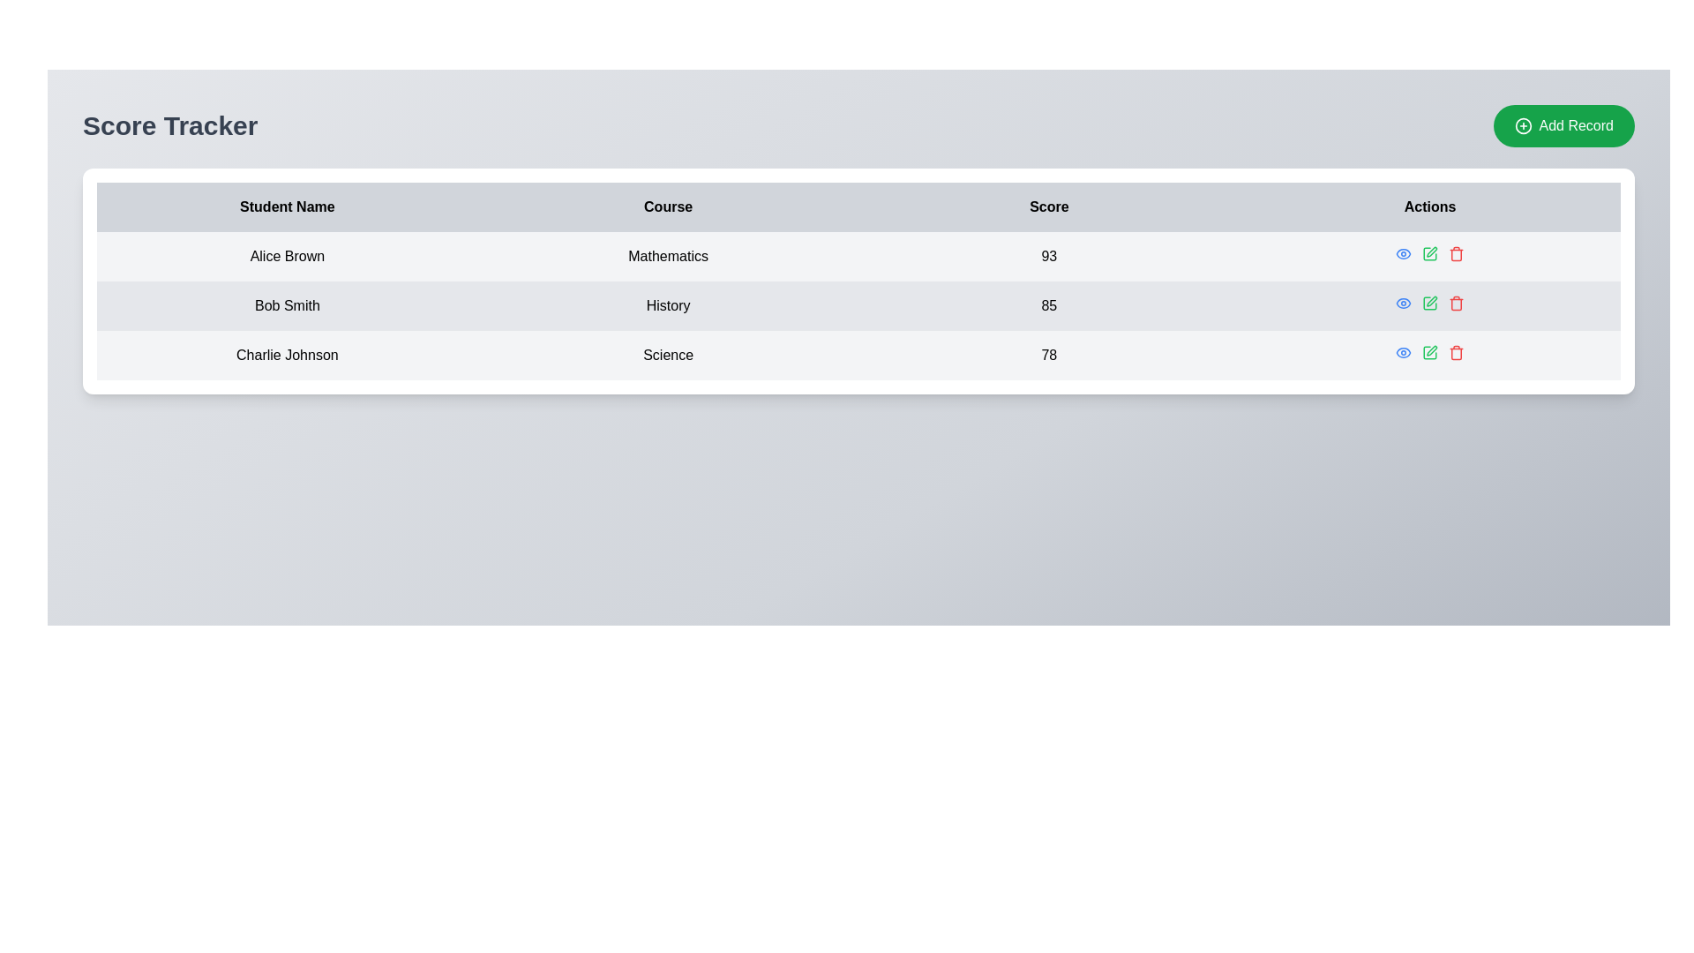 The height and width of the screenshot is (953, 1694). I want to click on the editing icon button located in the second row under the 'Actions' column of the table, so click(1430, 254).